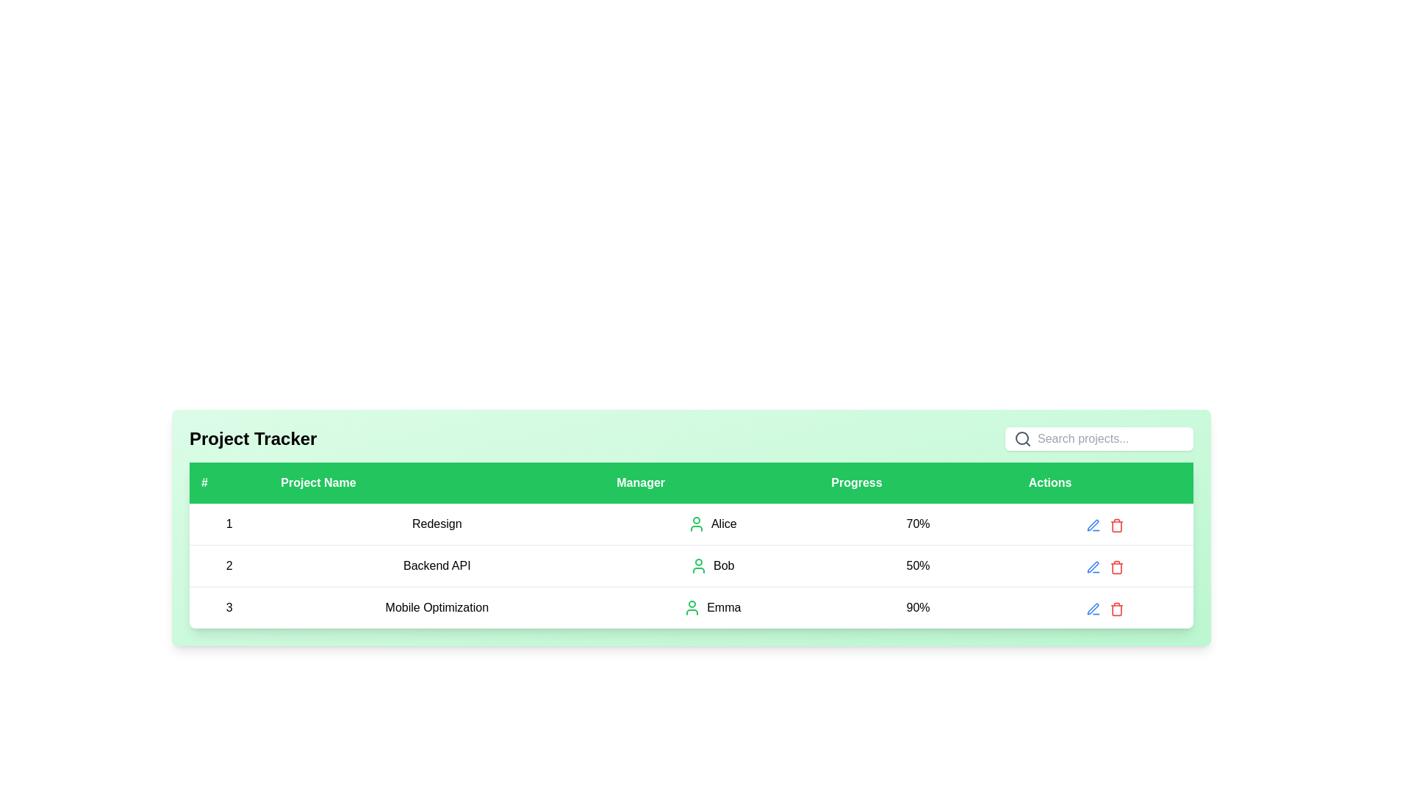 The image size is (1411, 793). Describe the element at coordinates (712, 565) in the screenshot. I see `the Text with icon (Label) that displays 'Bob' in the 'Manager' column of the second row in the table` at that location.